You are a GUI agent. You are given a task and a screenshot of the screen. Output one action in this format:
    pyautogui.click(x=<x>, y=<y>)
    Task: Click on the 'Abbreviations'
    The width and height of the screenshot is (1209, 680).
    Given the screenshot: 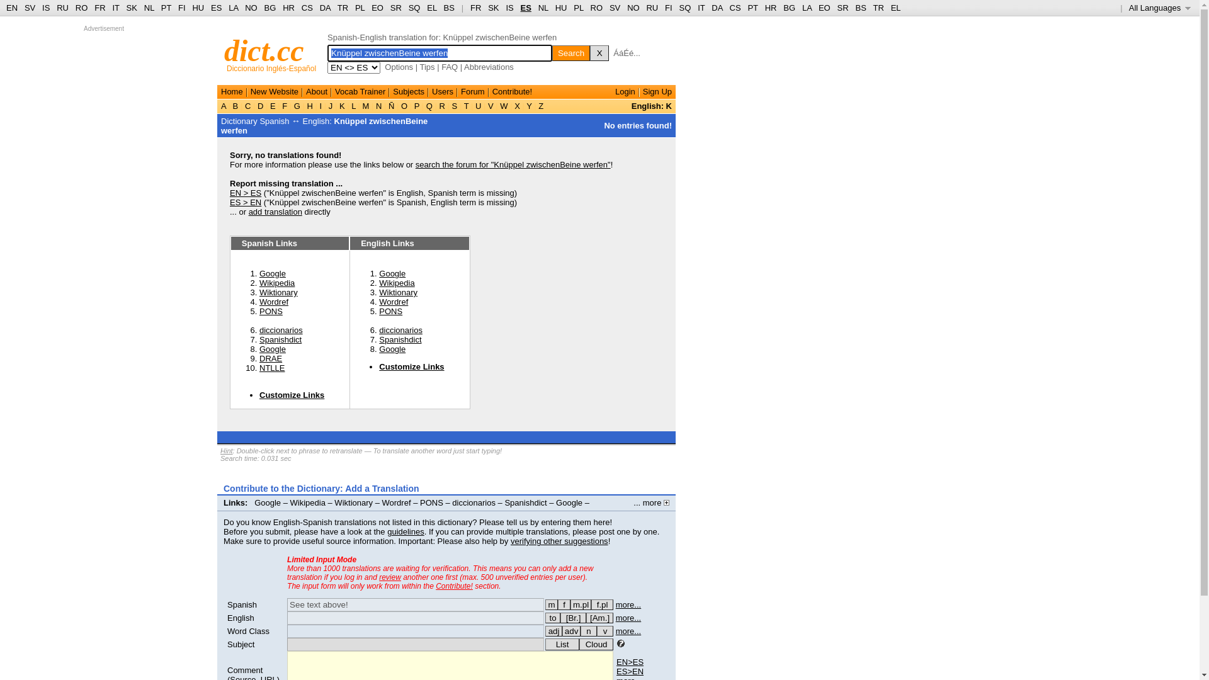 What is the action you would take?
    pyautogui.click(x=488, y=67)
    